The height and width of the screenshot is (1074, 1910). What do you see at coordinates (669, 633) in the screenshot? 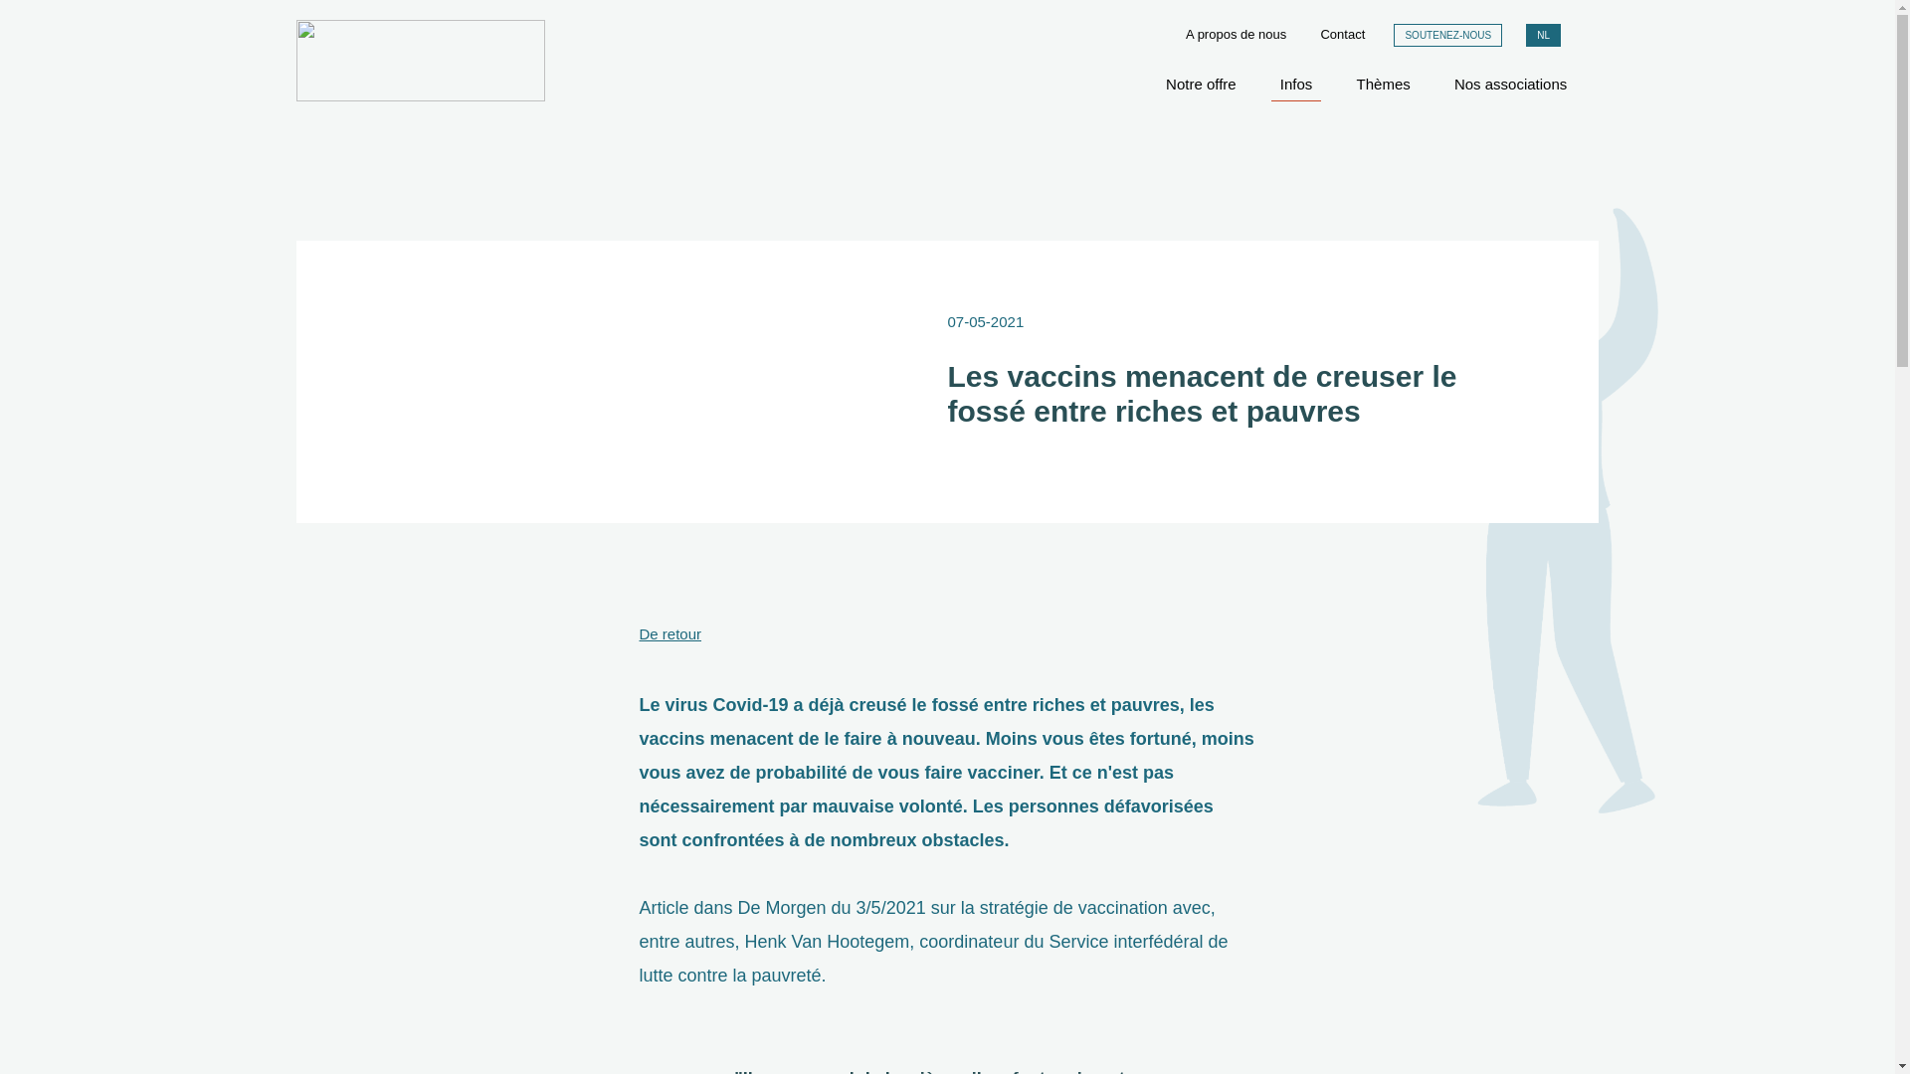
I see `'De retour'` at bounding box center [669, 633].